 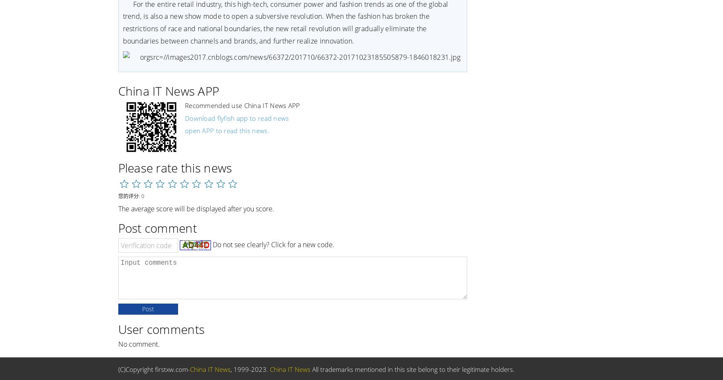 What do you see at coordinates (226, 130) in the screenshot?
I see `'open APP to read this news.'` at bounding box center [226, 130].